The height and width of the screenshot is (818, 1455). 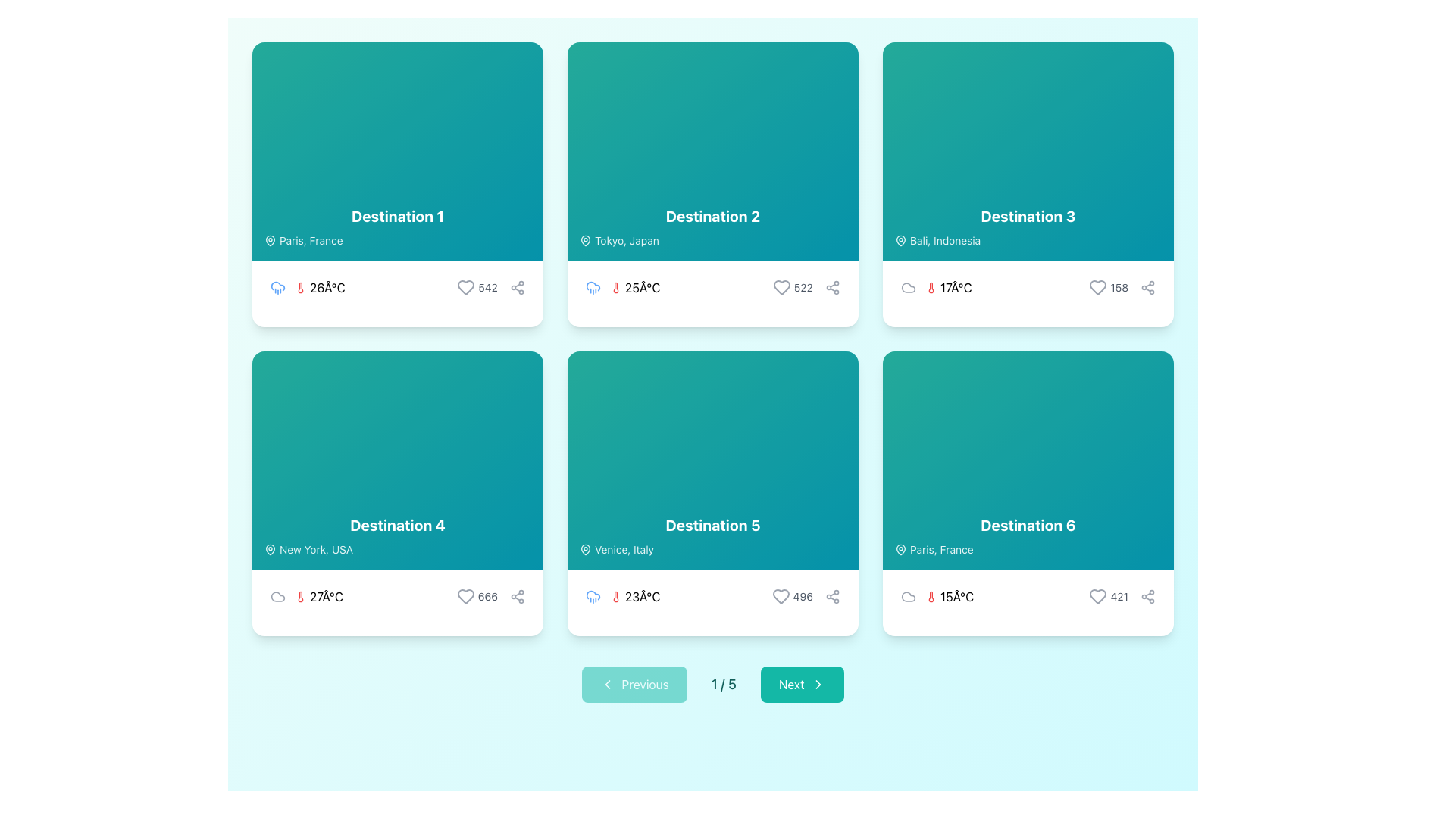 I want to click on the share icon button located at the bottom section of the 'Destination 1' card, which is positioned to the right of the heart icon and the numerical text '542', to initiate the sharing action, so click(x=517, y=288).